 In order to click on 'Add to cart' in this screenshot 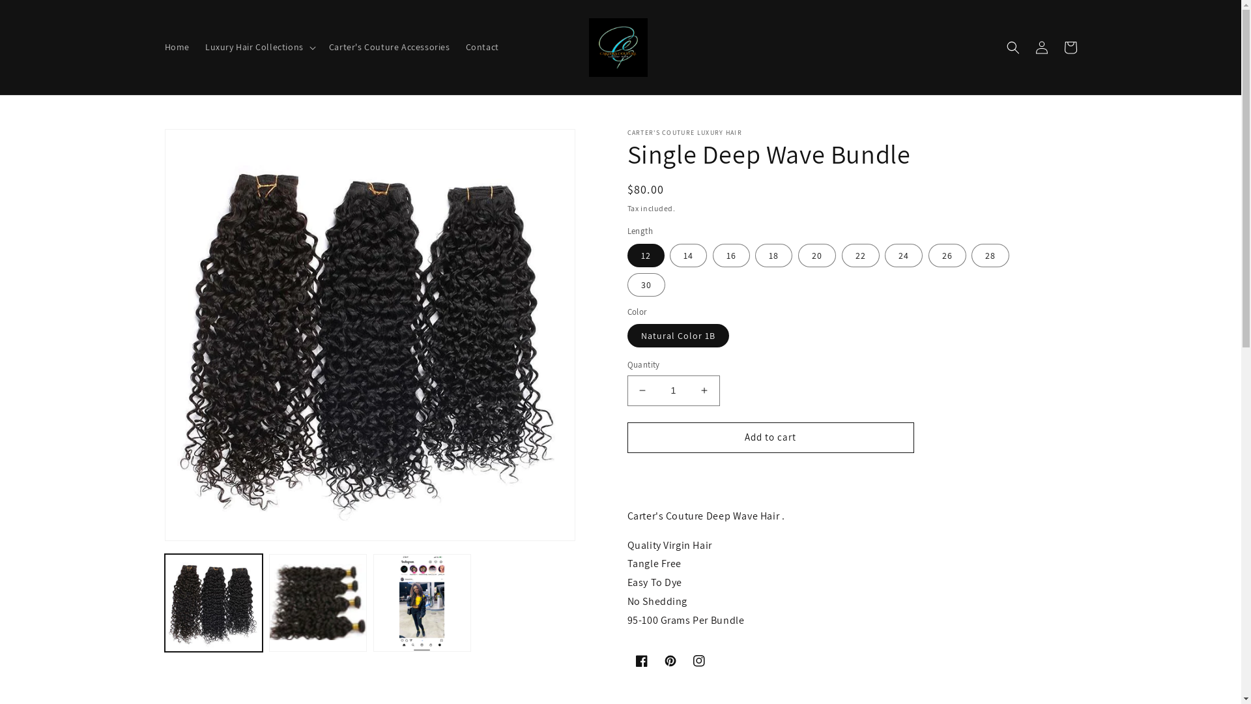, I will do `click(769, 437)`.